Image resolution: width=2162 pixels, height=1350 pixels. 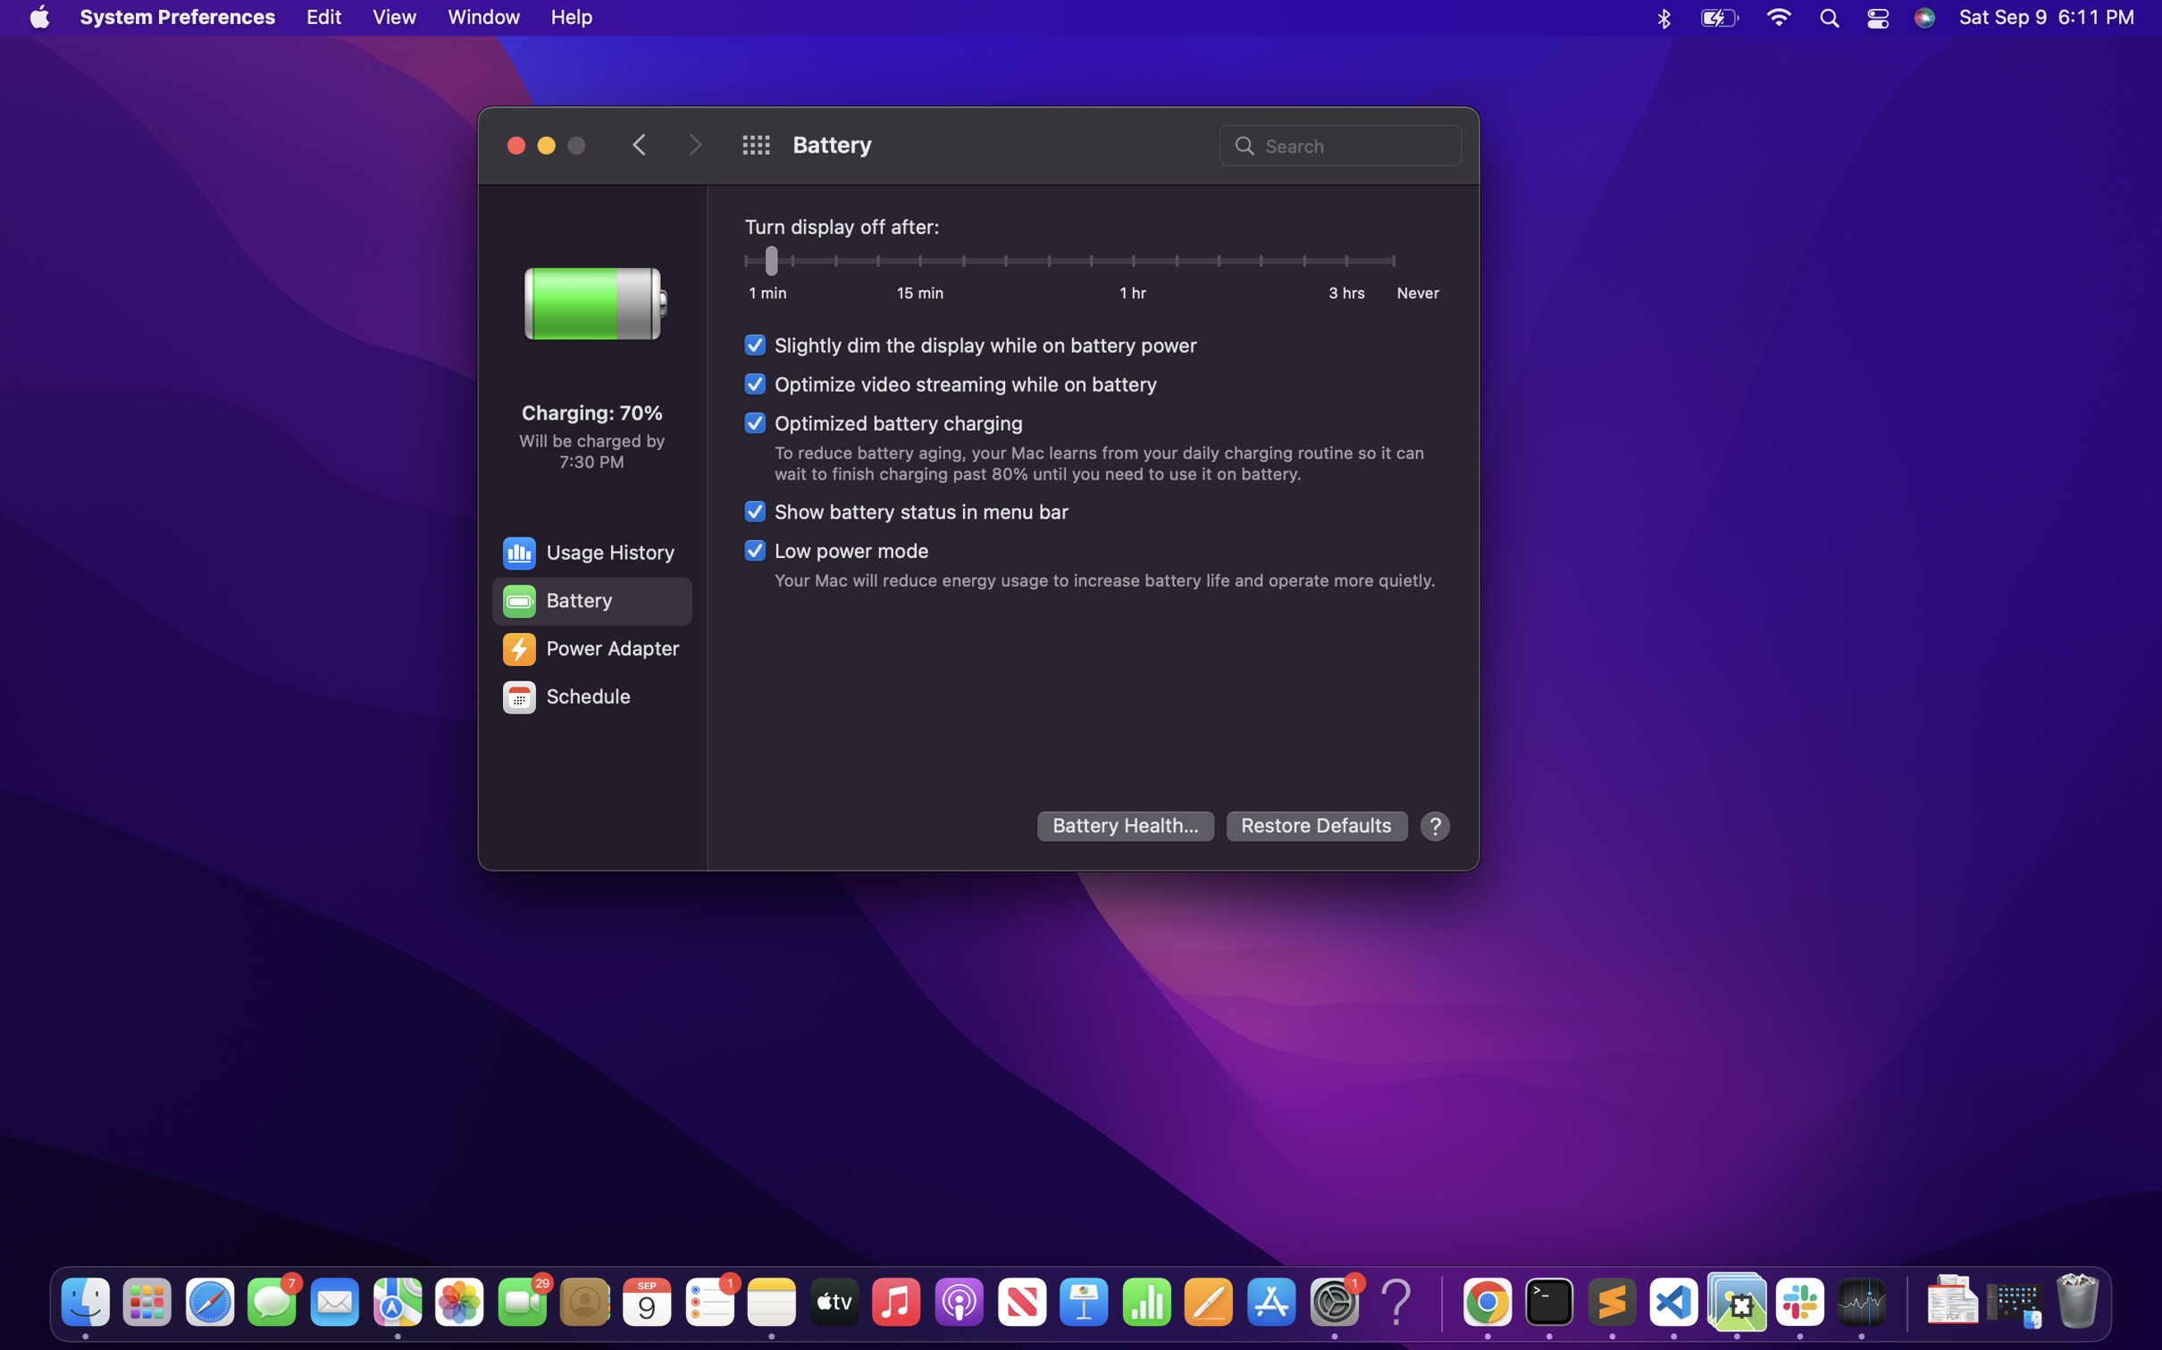 What do you see at coordinates (881, 422) in the screenshot?
I see `the "optimized battery charging" setting` at bounding box center [881, 422].